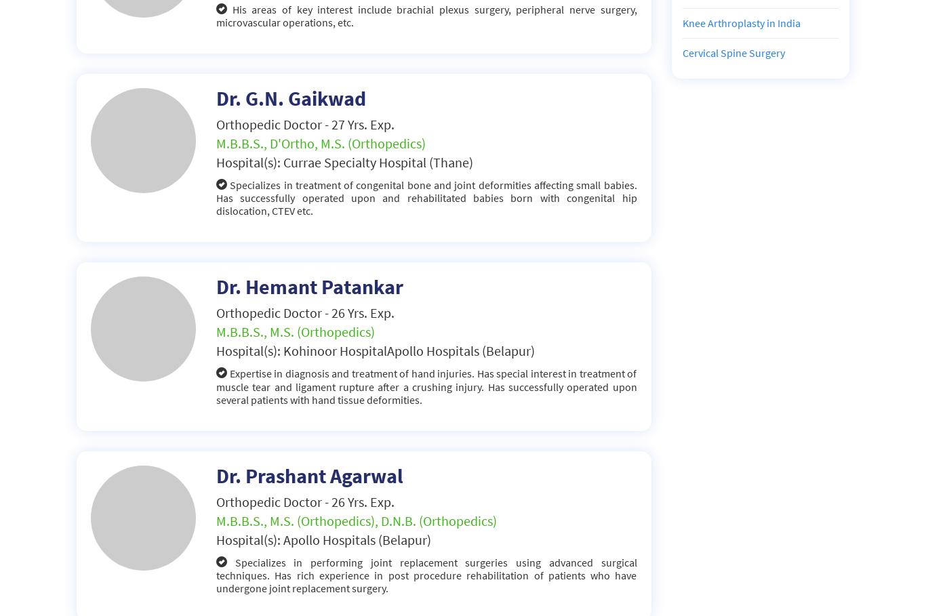 The width and height of the screenshot is (926, 616). Describe the element at coordinates (732, 51) in the screenshot. I see `'Cervical Spine Surgery'` at that location.